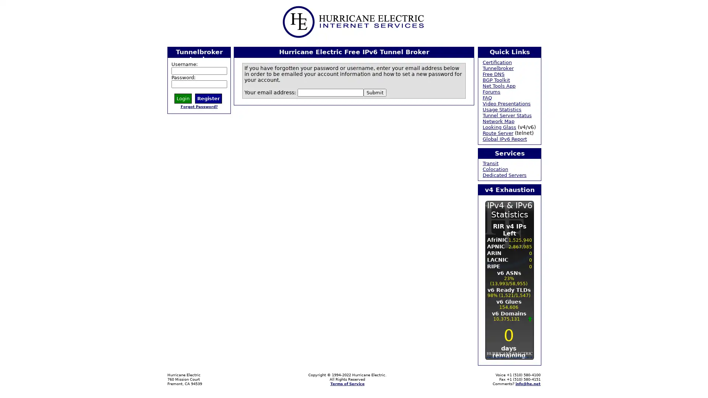 The width and height of the screenshot is (708, 398). Describe the element at coordinates (183, 98) in the screenshot. I see `Login` at that location.